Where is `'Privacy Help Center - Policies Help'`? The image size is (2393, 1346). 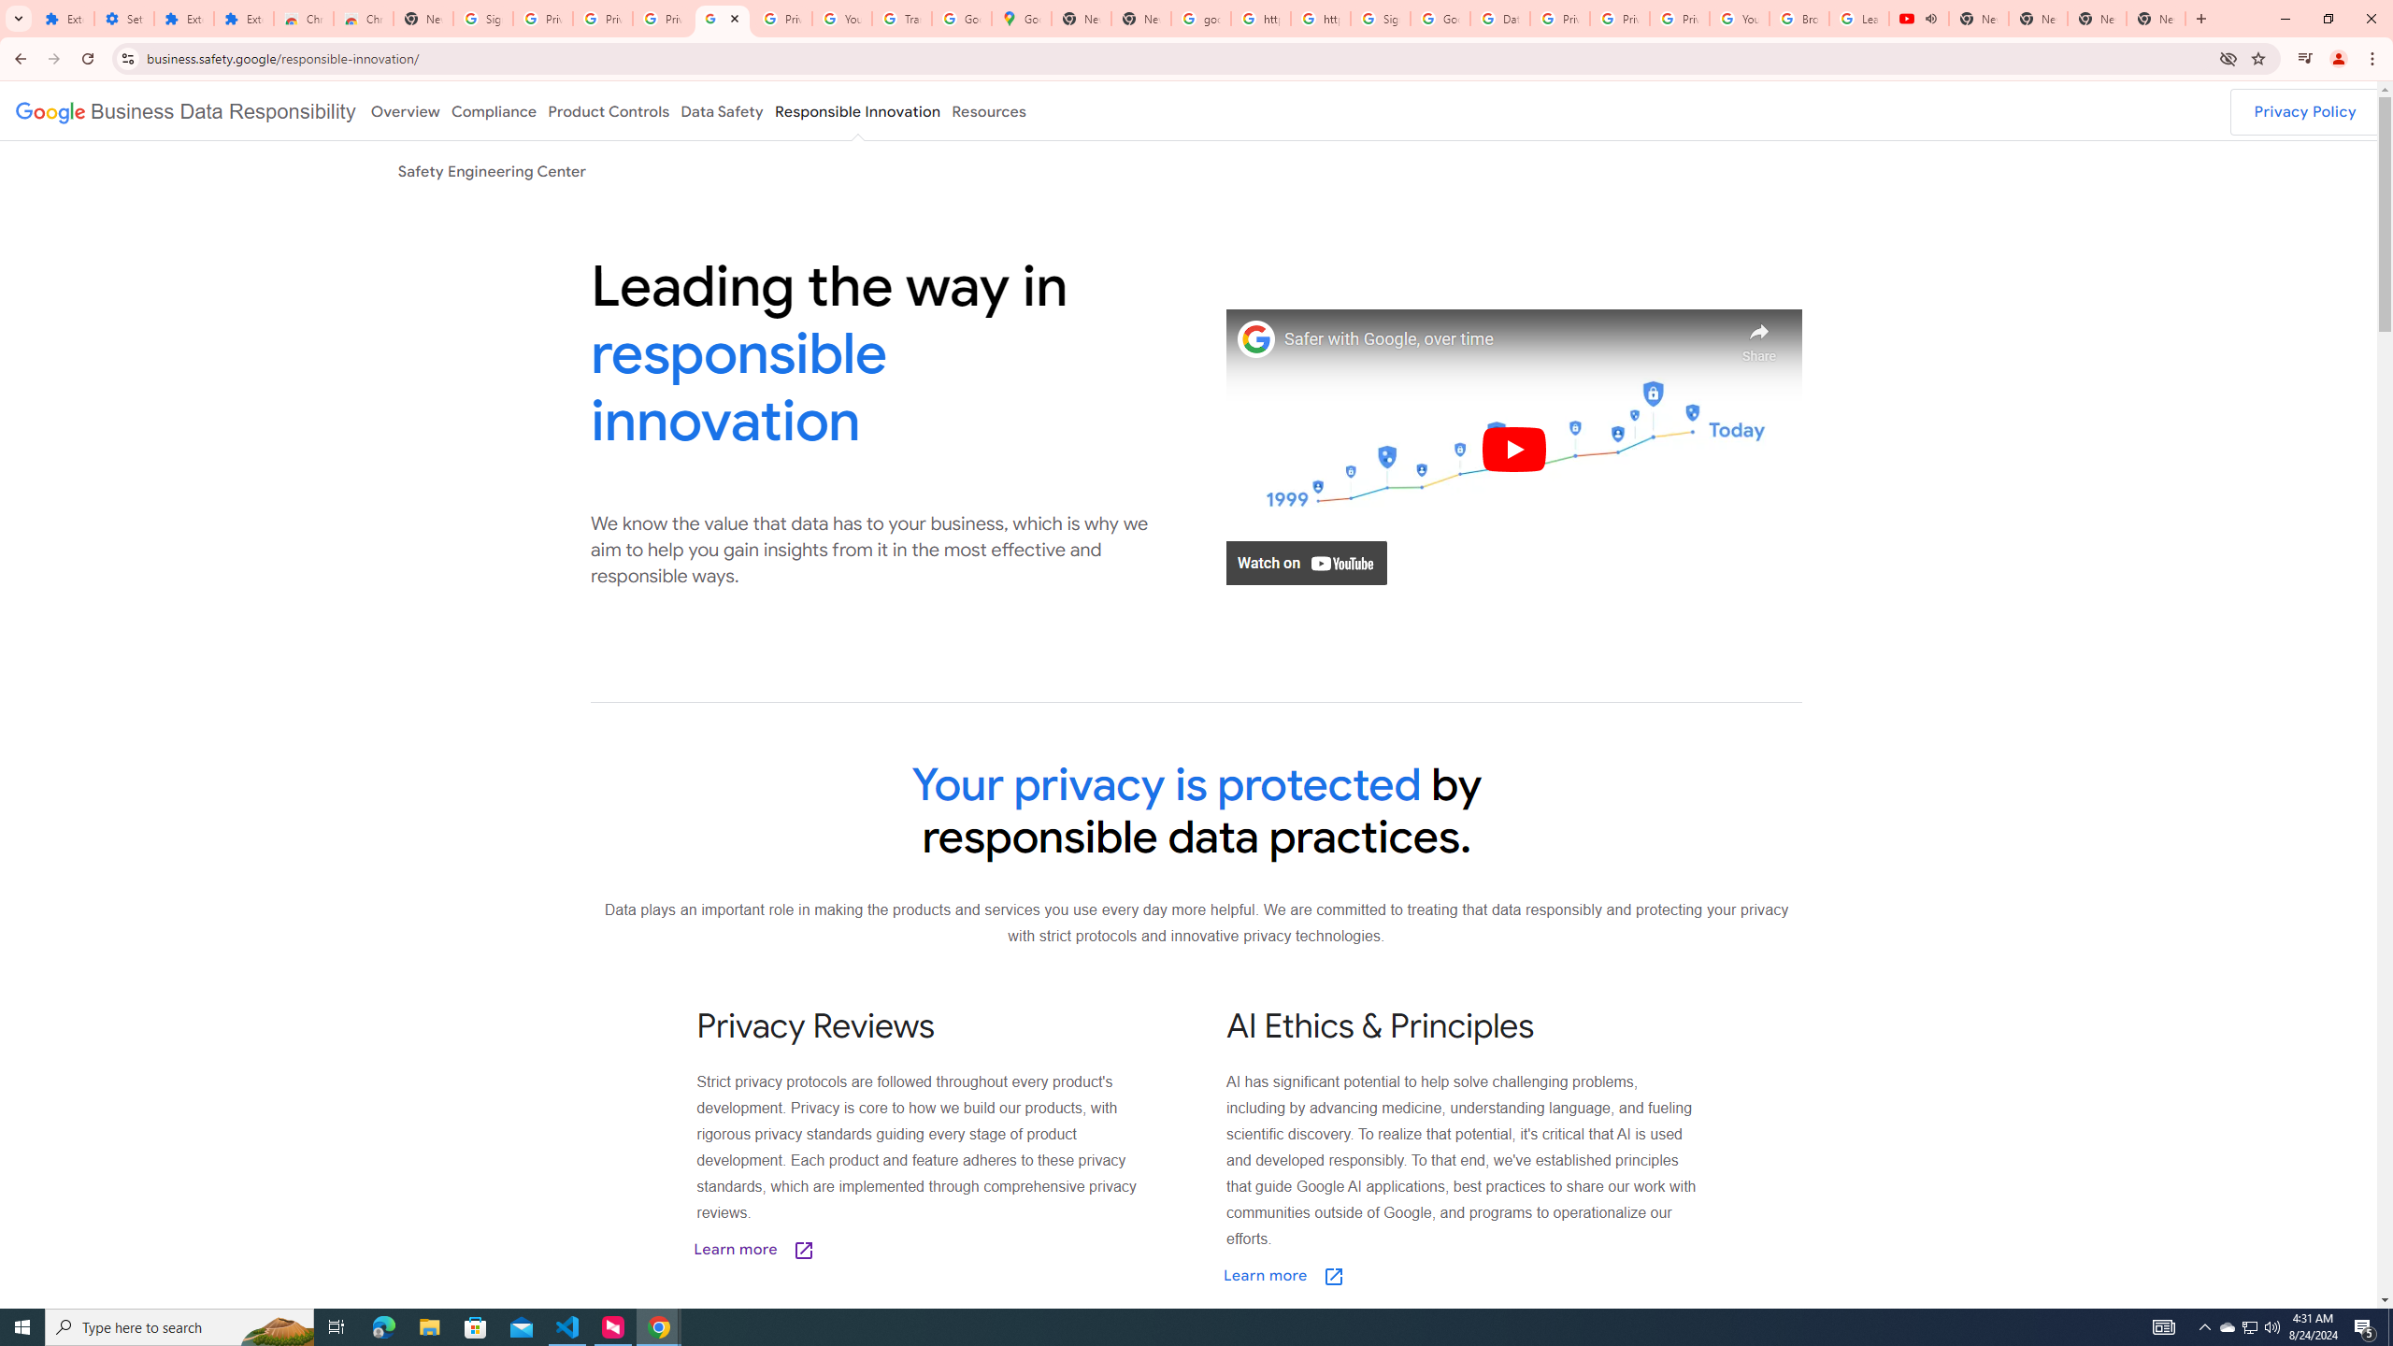
'Privacy Help Center - Policies Help' is located at coordinates (1559, 18).